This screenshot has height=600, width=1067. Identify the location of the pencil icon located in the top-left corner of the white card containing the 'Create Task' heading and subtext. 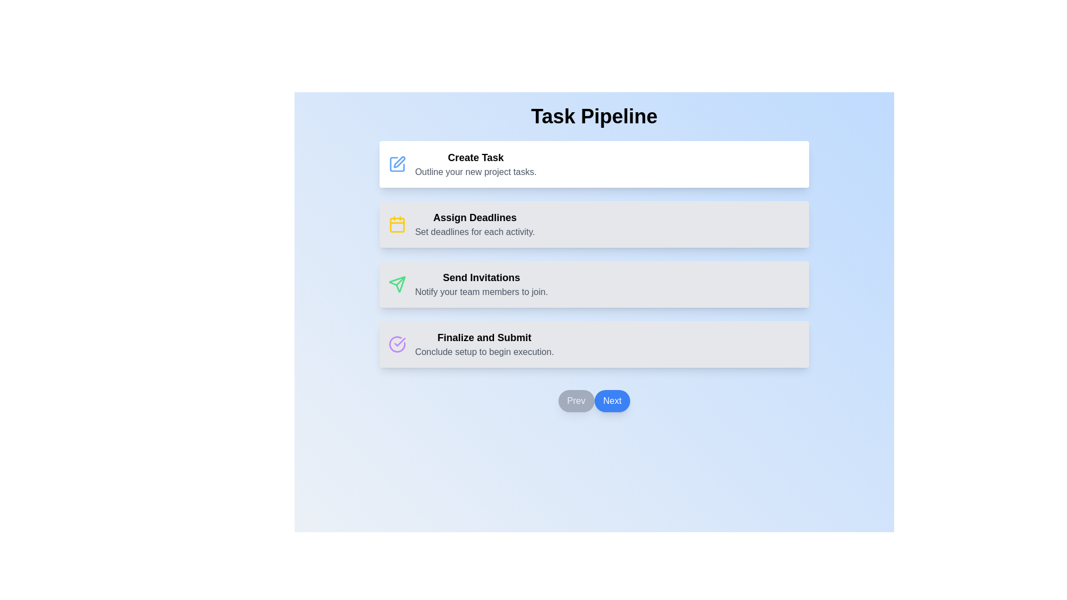
(397, 164).